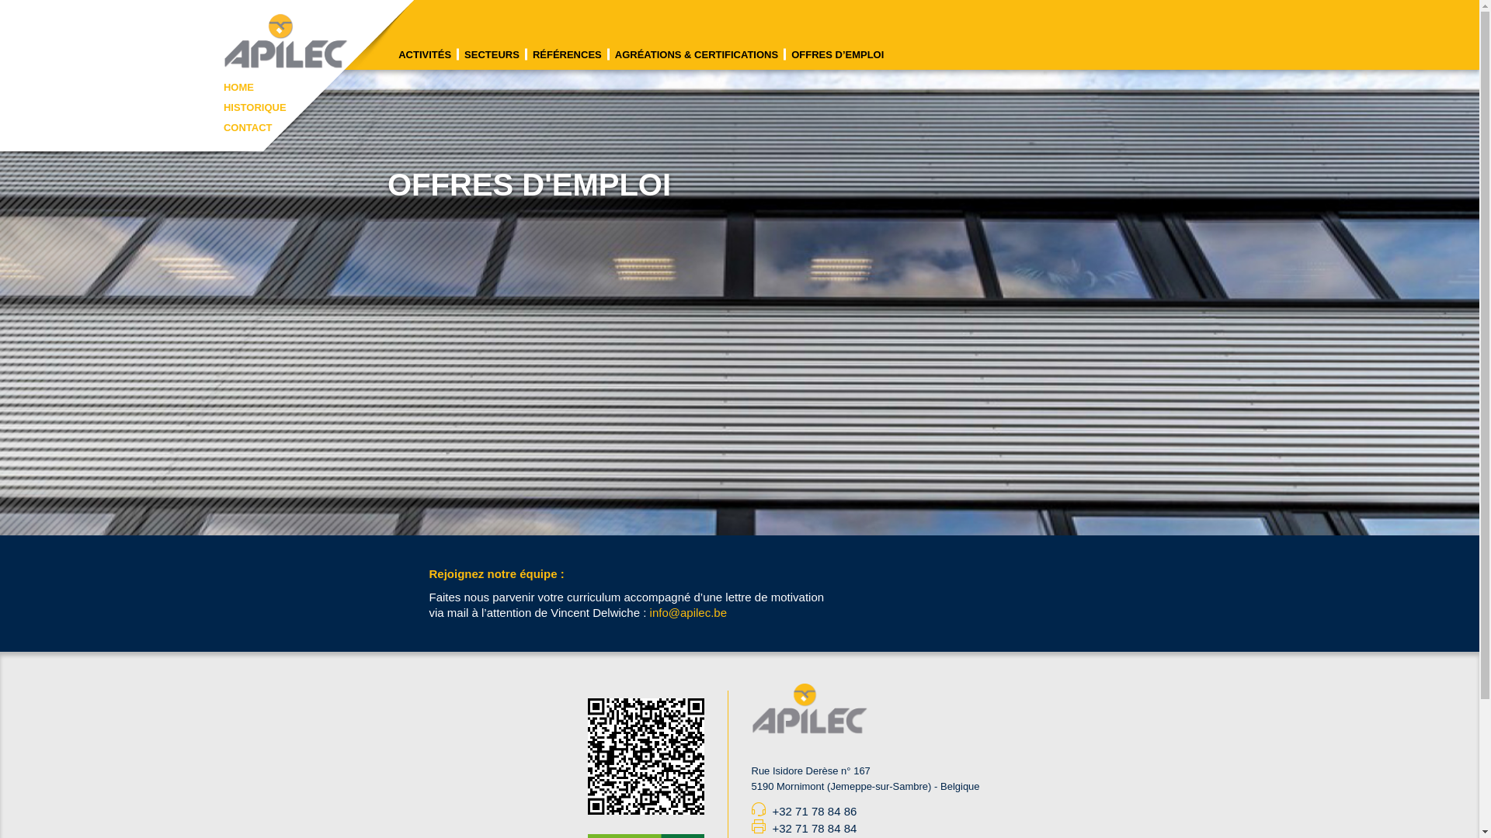 This screenshot has width=1491, height=838. I want to click on 'SECTEURS', so click(457, 53).